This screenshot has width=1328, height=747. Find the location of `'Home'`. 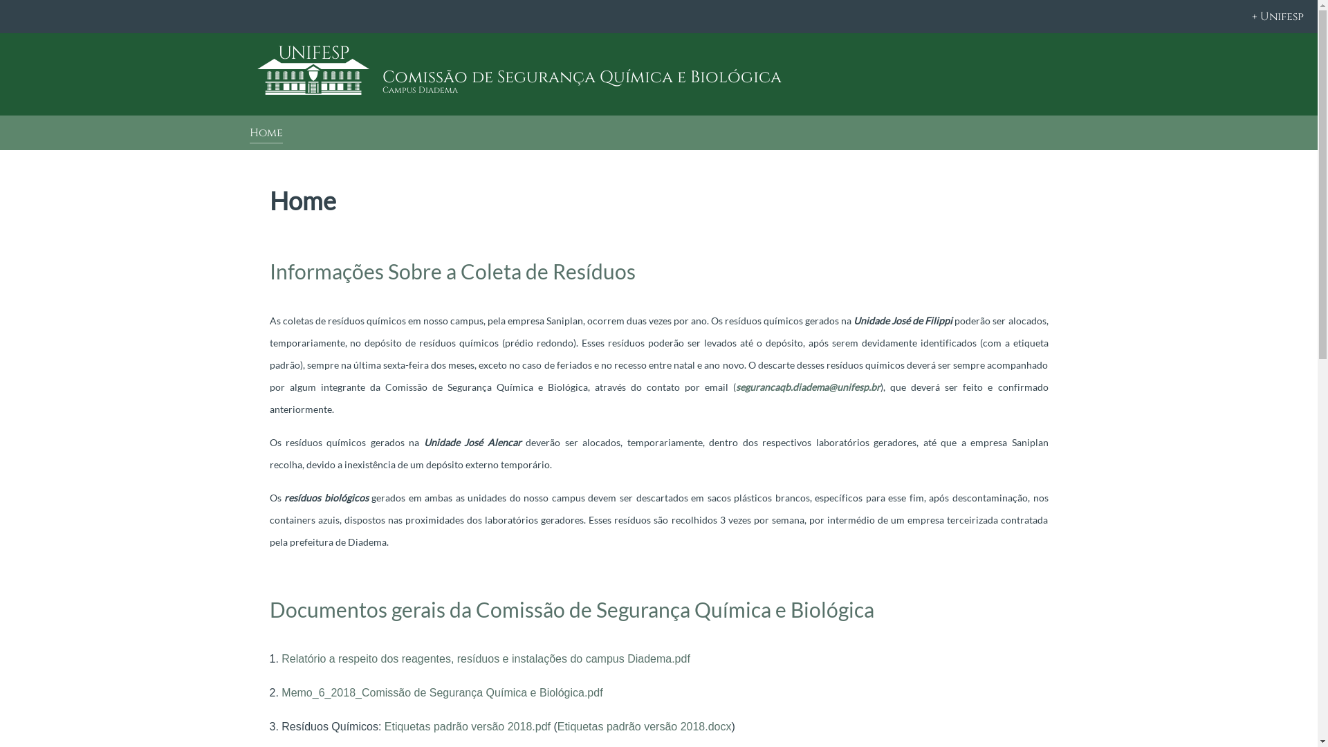

'Home' is located at coordinates (249, 133).